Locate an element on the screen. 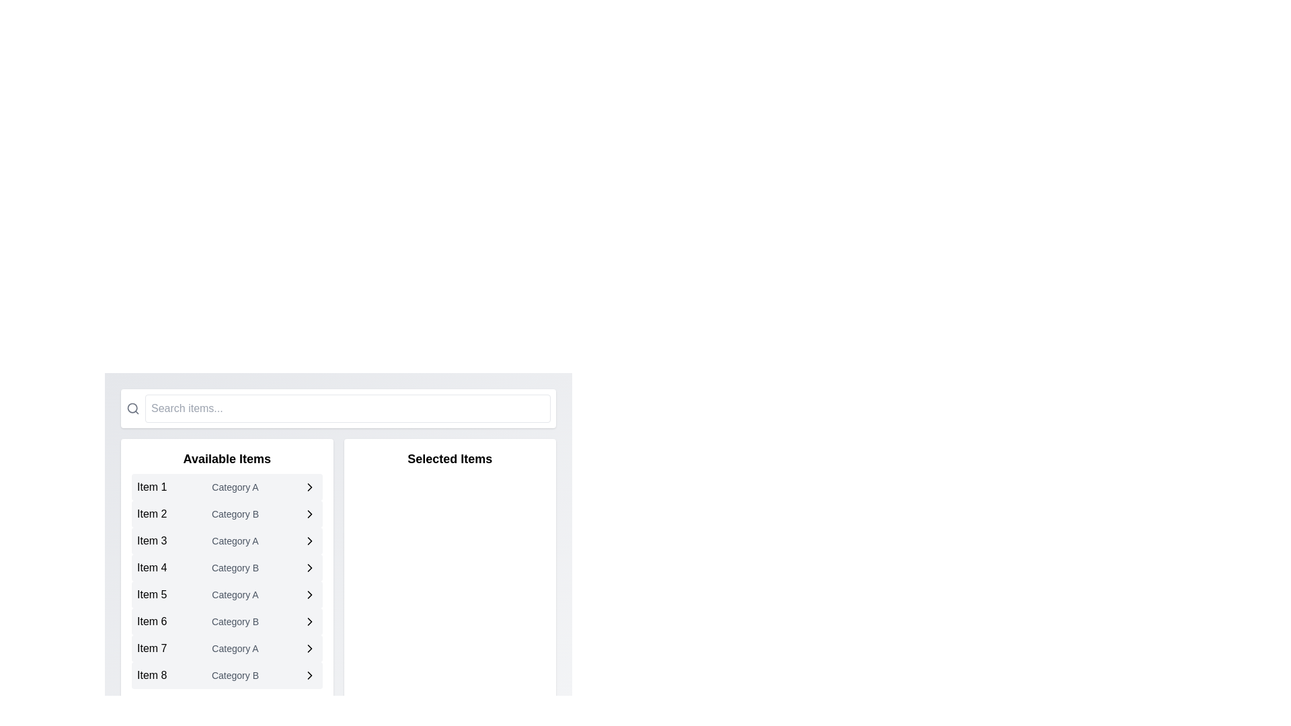 This screenshot has width=1291, height=726. the chevron icon in the 'Available Items' section is located at coordinates (309, 647).